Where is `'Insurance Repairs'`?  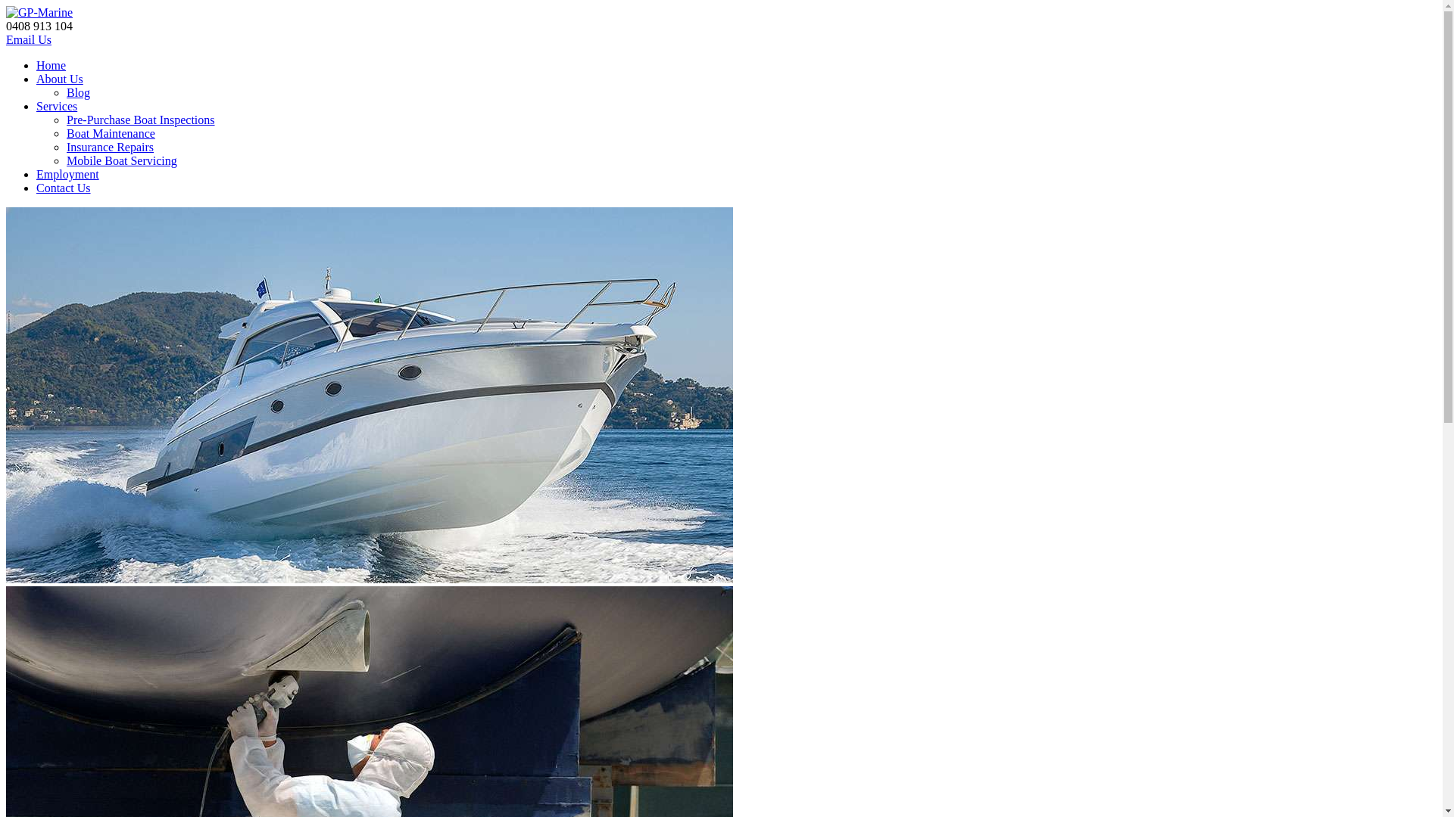
'Insurance Repairs' is located at coordinates (65, 147).